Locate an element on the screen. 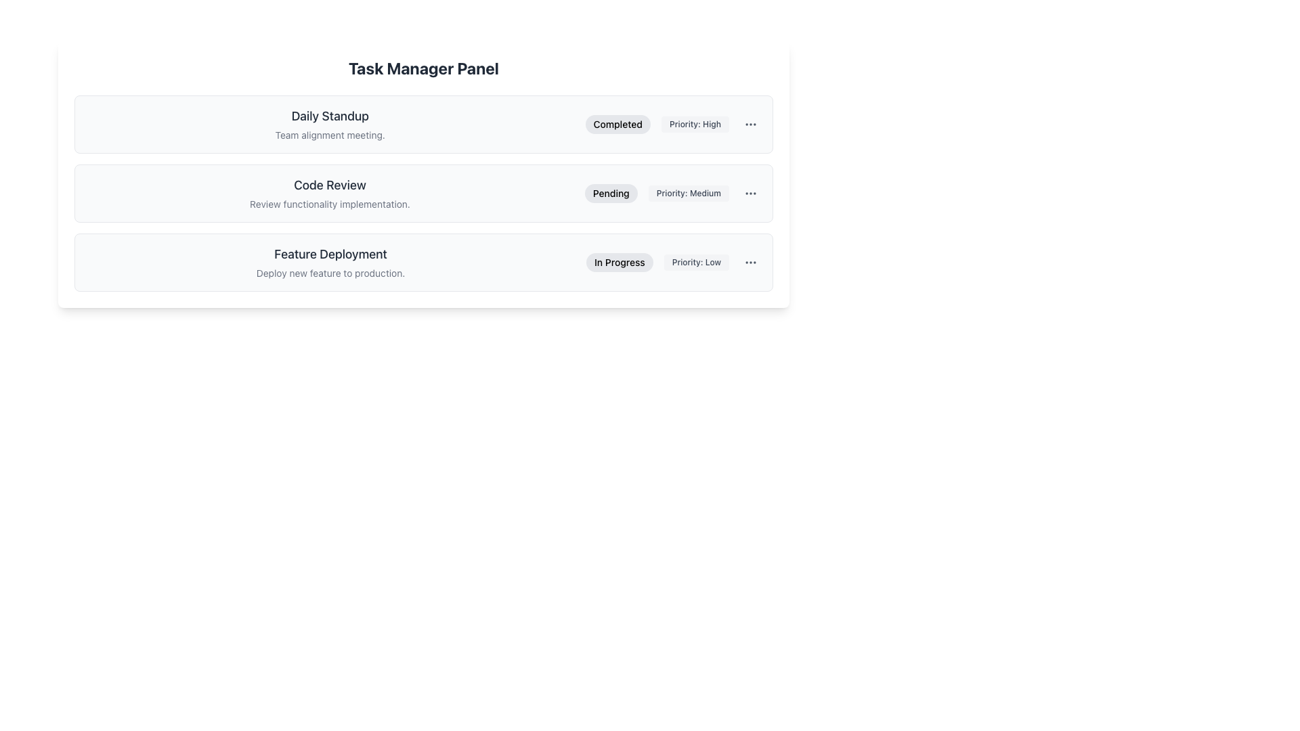 The height and width of the screenshot is (731, 1300). the pill-shaped label with the text 'In Progress' located to the right of the 'Feature Deployment' row in the third list item of the task list is located at coordinates (619, 263).